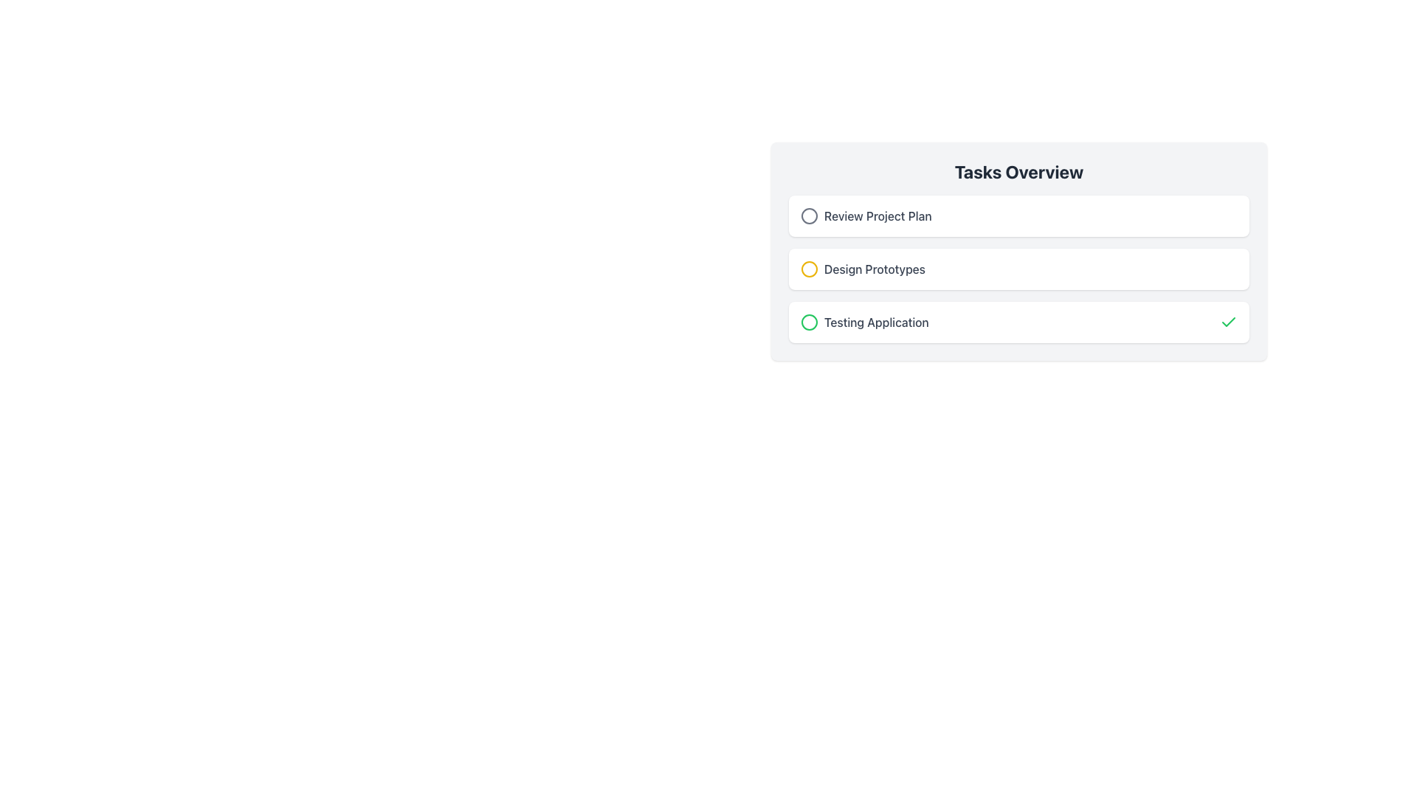  What do you see at coordinates (809, 269) in the screenshot?
I see `second bullet icon in the task list, which is a circular icon with an outlined yellow ring located next to the text 'Design Prototypes'` at bounding box center [809, 269].